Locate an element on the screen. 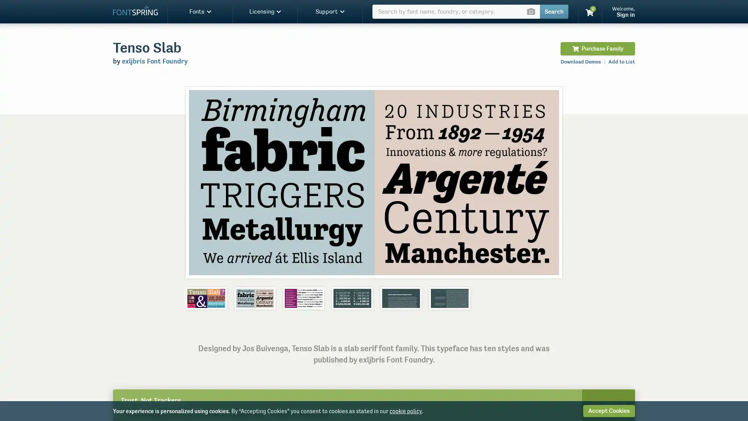 Image resolution: width=748 pixels, height=421 pixels. Add to List is located at coordinates (621, 61).